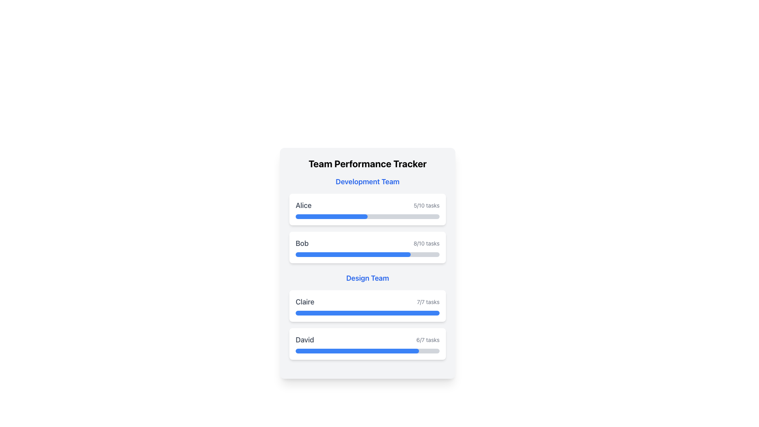 Image resolution: width=759 pixels, height=427 pixels. I want to click on the progress bar at the bottom of David's task card, which indicates the completion of tasks with a blue and gray visual representation, so click(367, 350).